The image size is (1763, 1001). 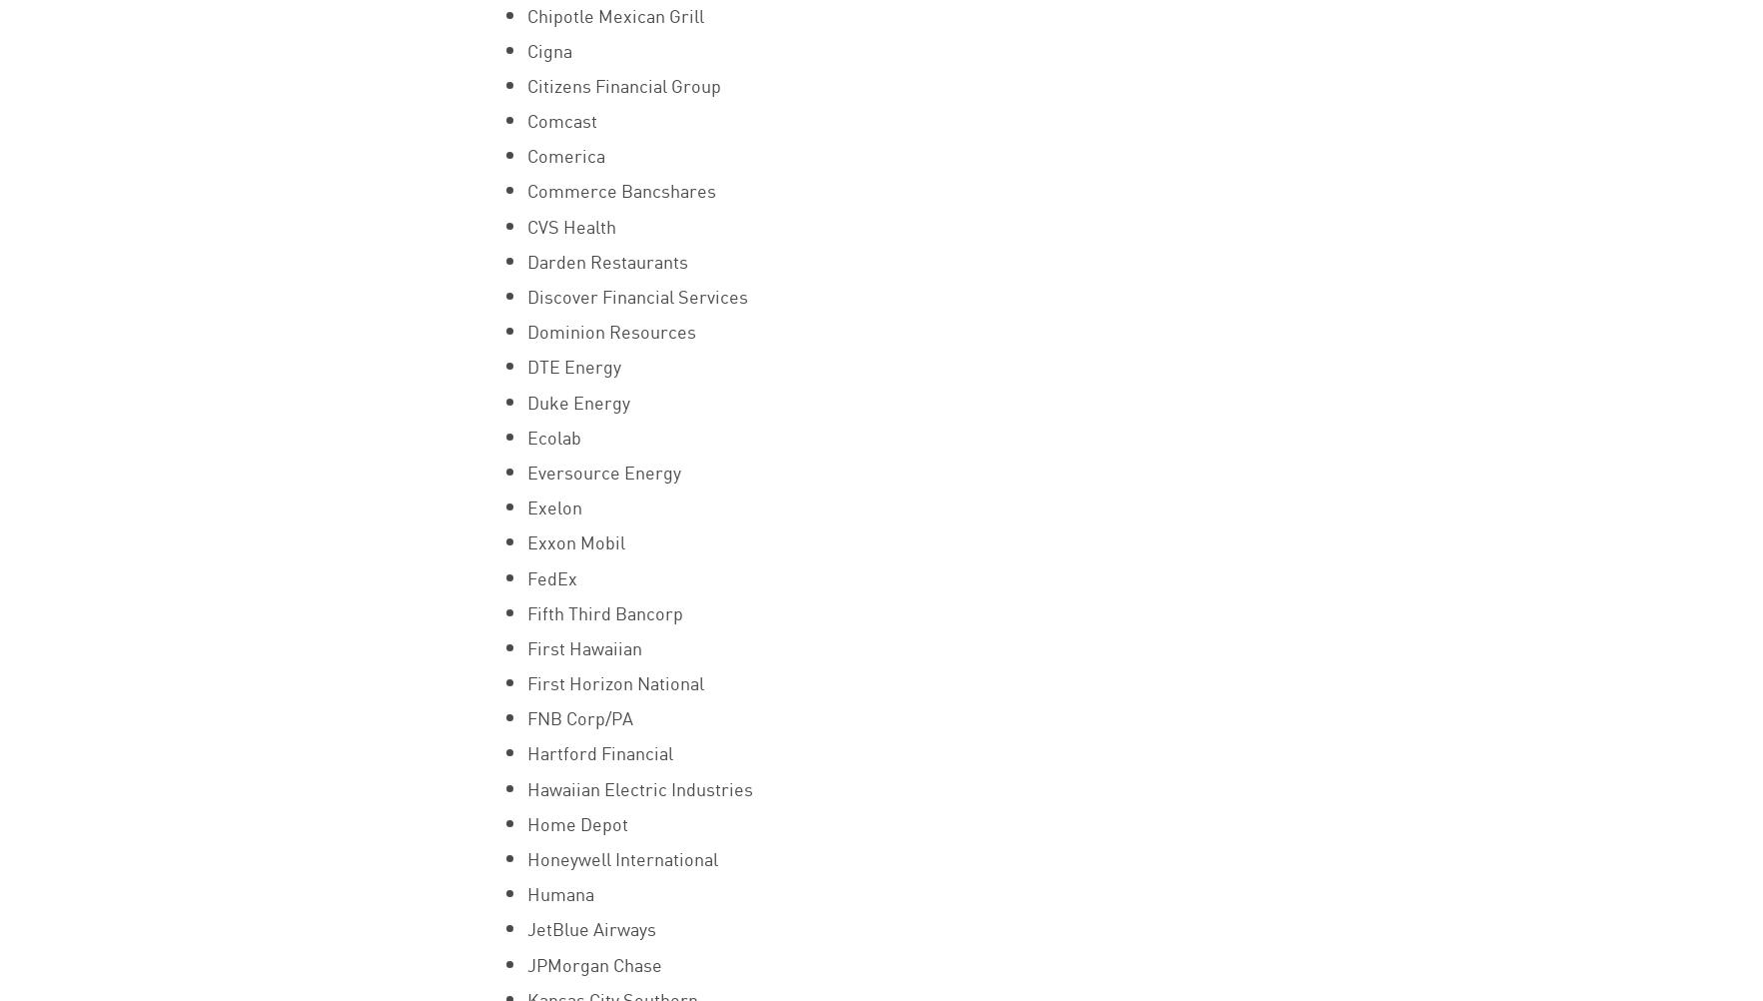 I want to click on 'Exxon Mobil', so click(x=573, y=540).